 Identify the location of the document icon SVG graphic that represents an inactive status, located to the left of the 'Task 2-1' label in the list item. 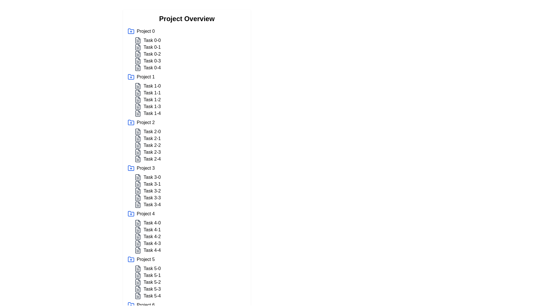
(138, 139).